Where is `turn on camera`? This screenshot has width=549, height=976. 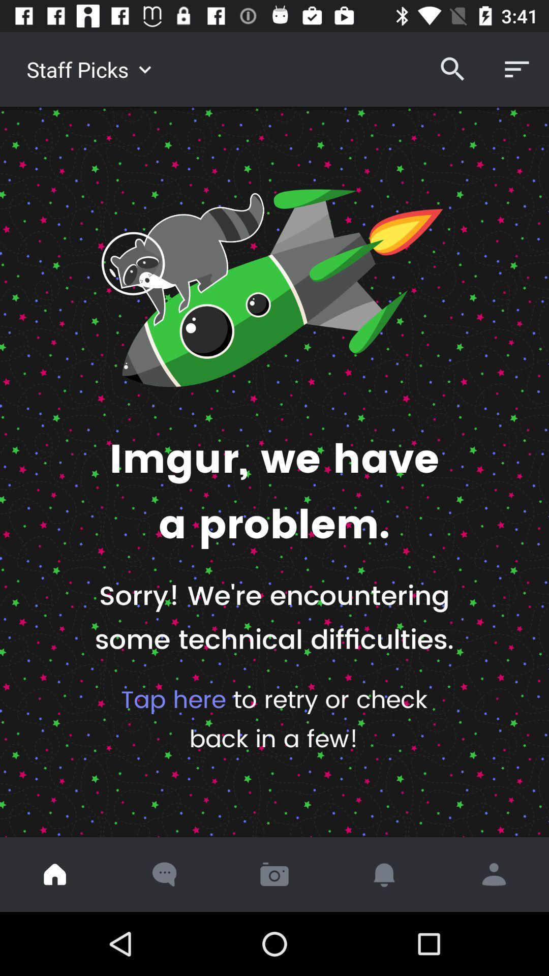 turn on camera is located at coordinates (274, 874).